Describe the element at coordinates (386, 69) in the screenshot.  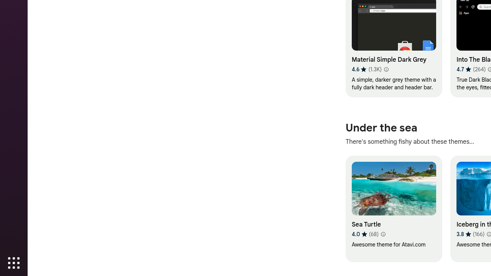
I see `'Learn more about results and reviews "Material Simple Dark Grey"'` at that location.